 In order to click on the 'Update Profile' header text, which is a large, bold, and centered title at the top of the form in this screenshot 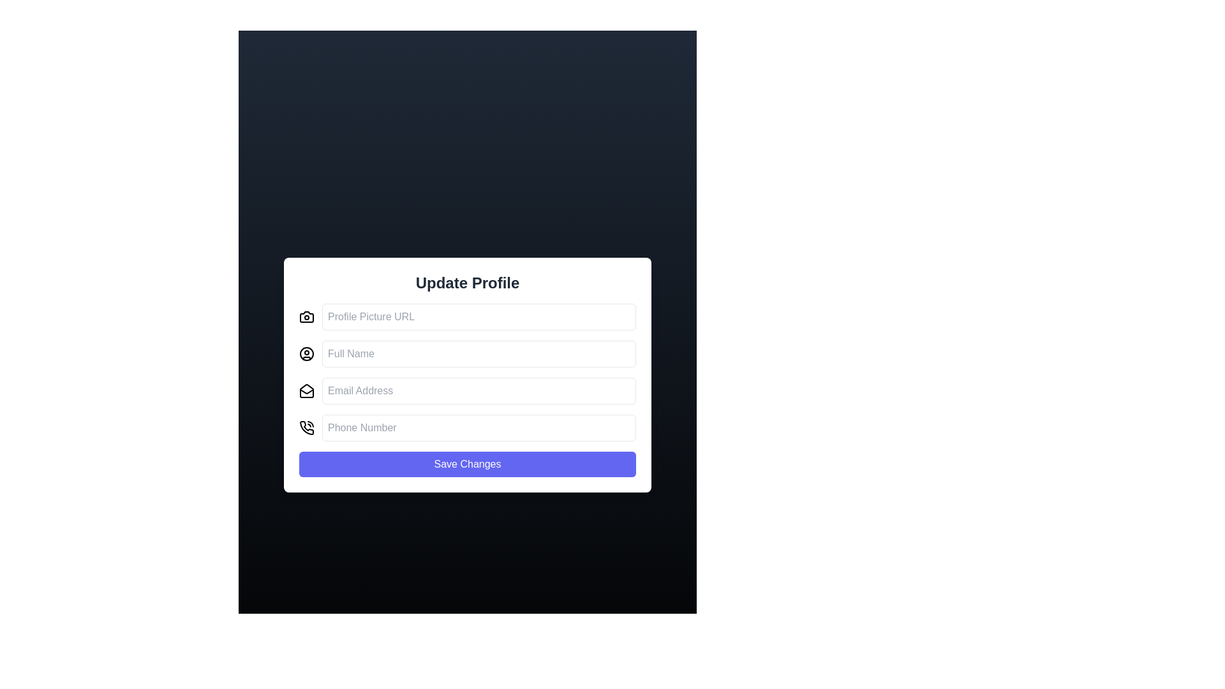, I will do `click(467, 282)`.